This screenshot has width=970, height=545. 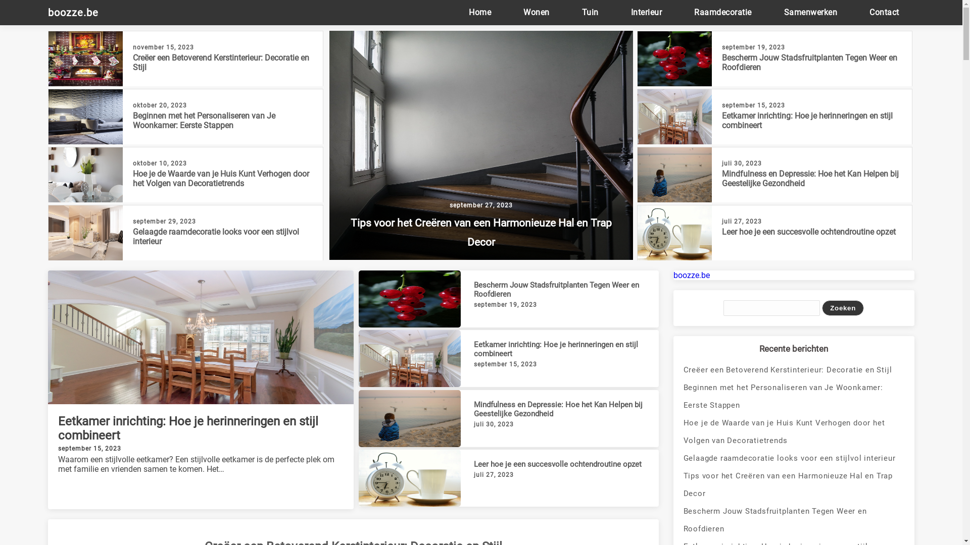 I want to click on 'Samenwerken', so click(x=810, y=12).